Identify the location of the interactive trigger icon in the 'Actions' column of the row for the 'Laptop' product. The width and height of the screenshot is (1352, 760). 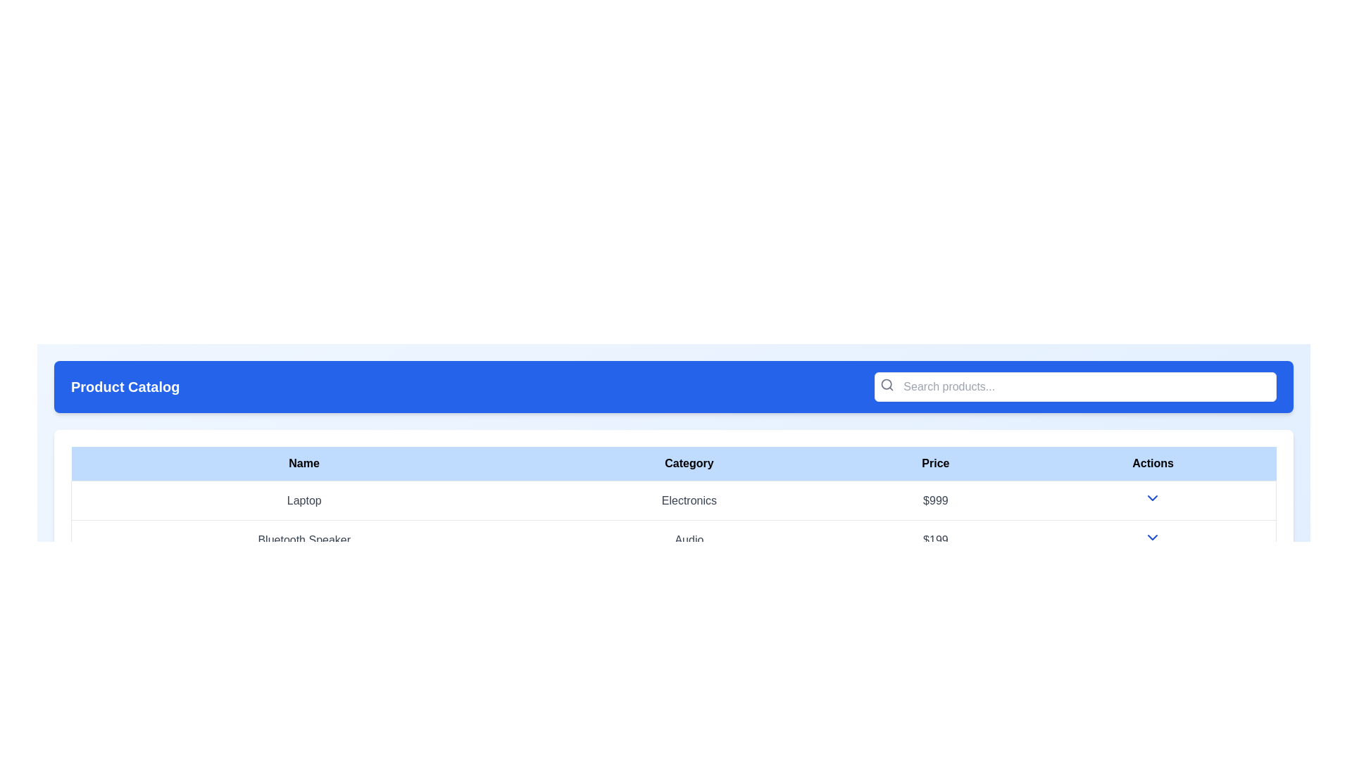
(1153, 500).